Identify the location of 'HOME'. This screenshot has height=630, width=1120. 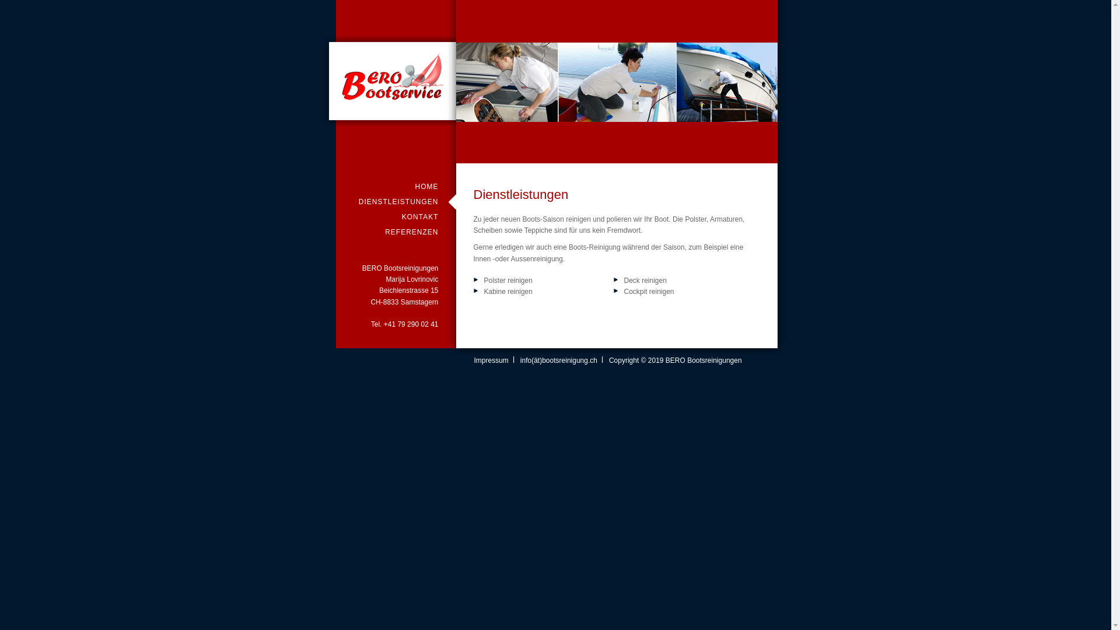
(395, 186).